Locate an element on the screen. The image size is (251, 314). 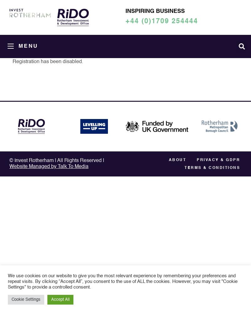
'Menu' is located at coordinates (28, 46).